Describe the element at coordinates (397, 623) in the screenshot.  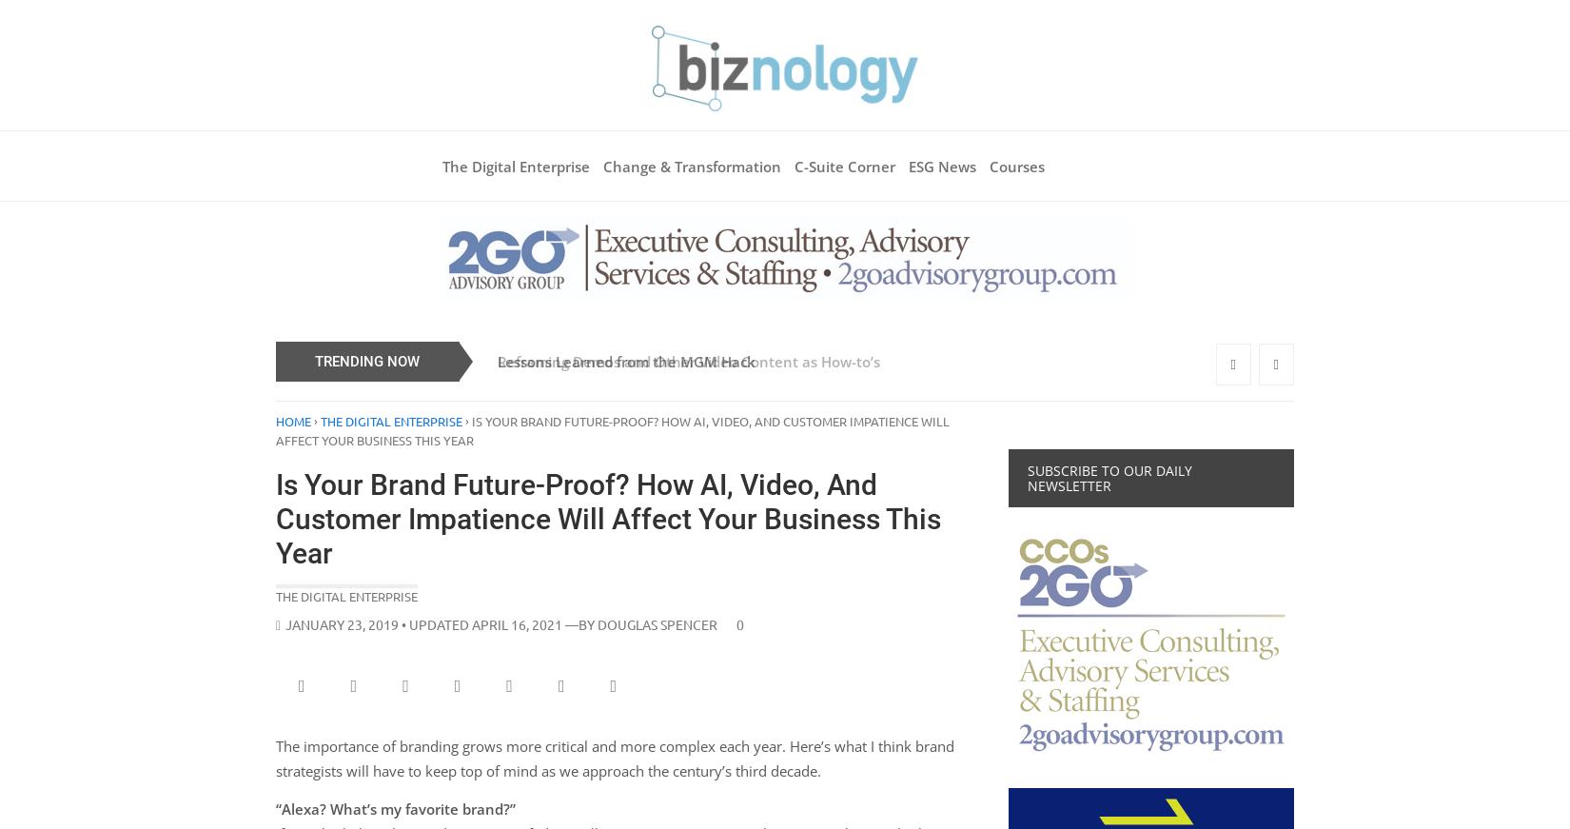
I see `'• Updated April 16, 2021'` at that location.